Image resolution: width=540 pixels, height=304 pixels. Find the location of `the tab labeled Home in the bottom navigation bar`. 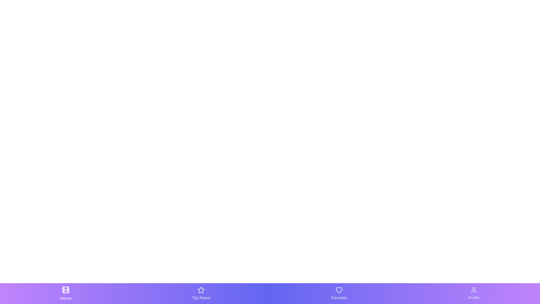

the tab labeled Home in the bottom navigation bar is located at coordinates (66, 293).